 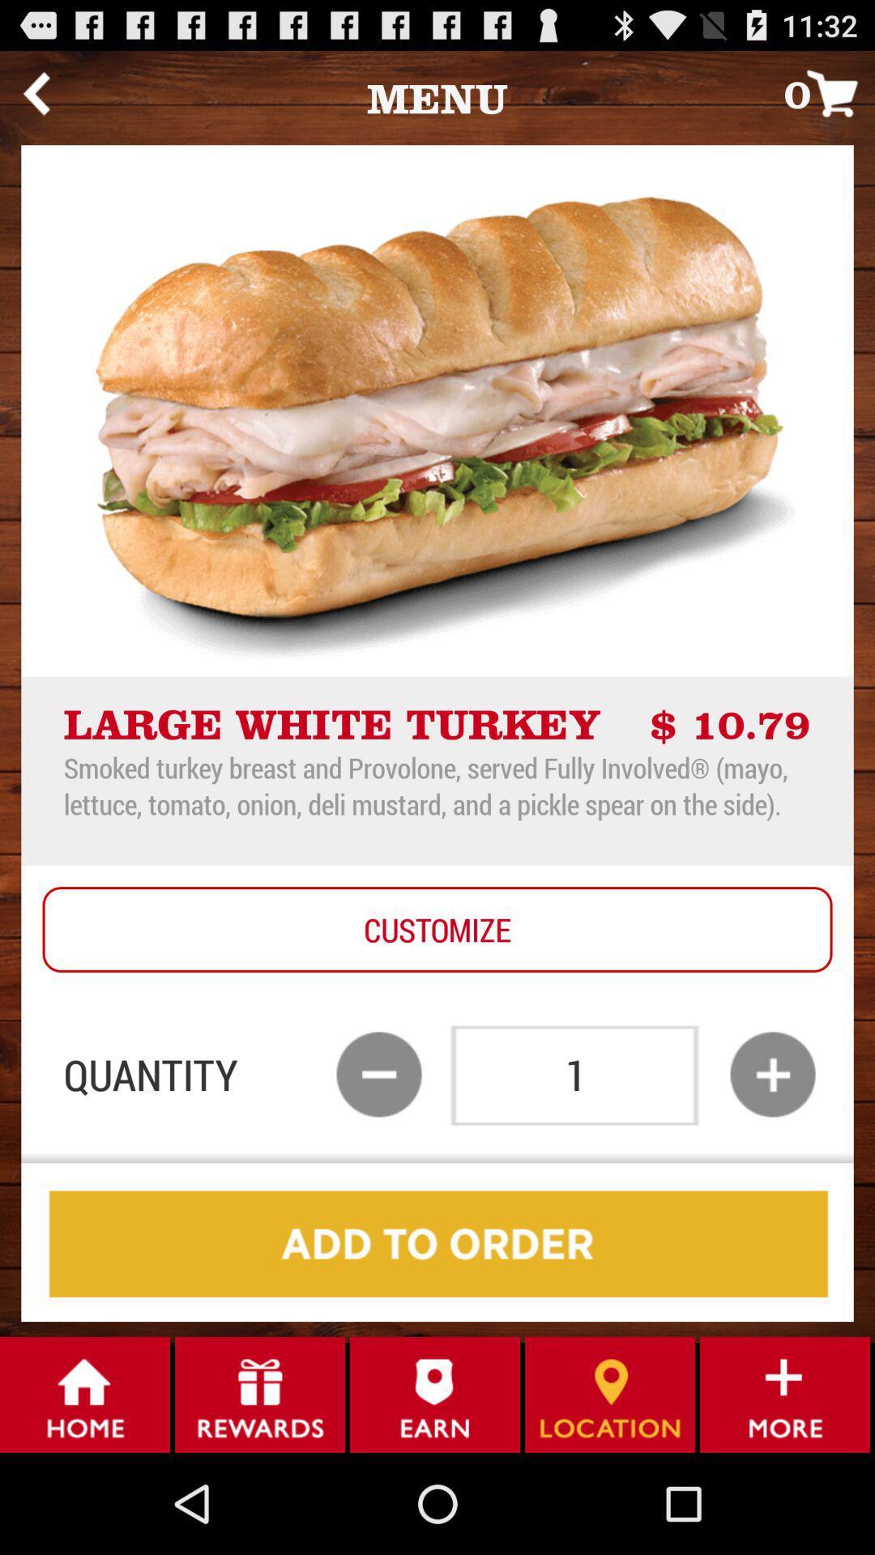 What do you see at coordinates (437, 929) in the screenshot?
I see `the icon below the smoked turkey breast app` at bounding box center [437, 929].